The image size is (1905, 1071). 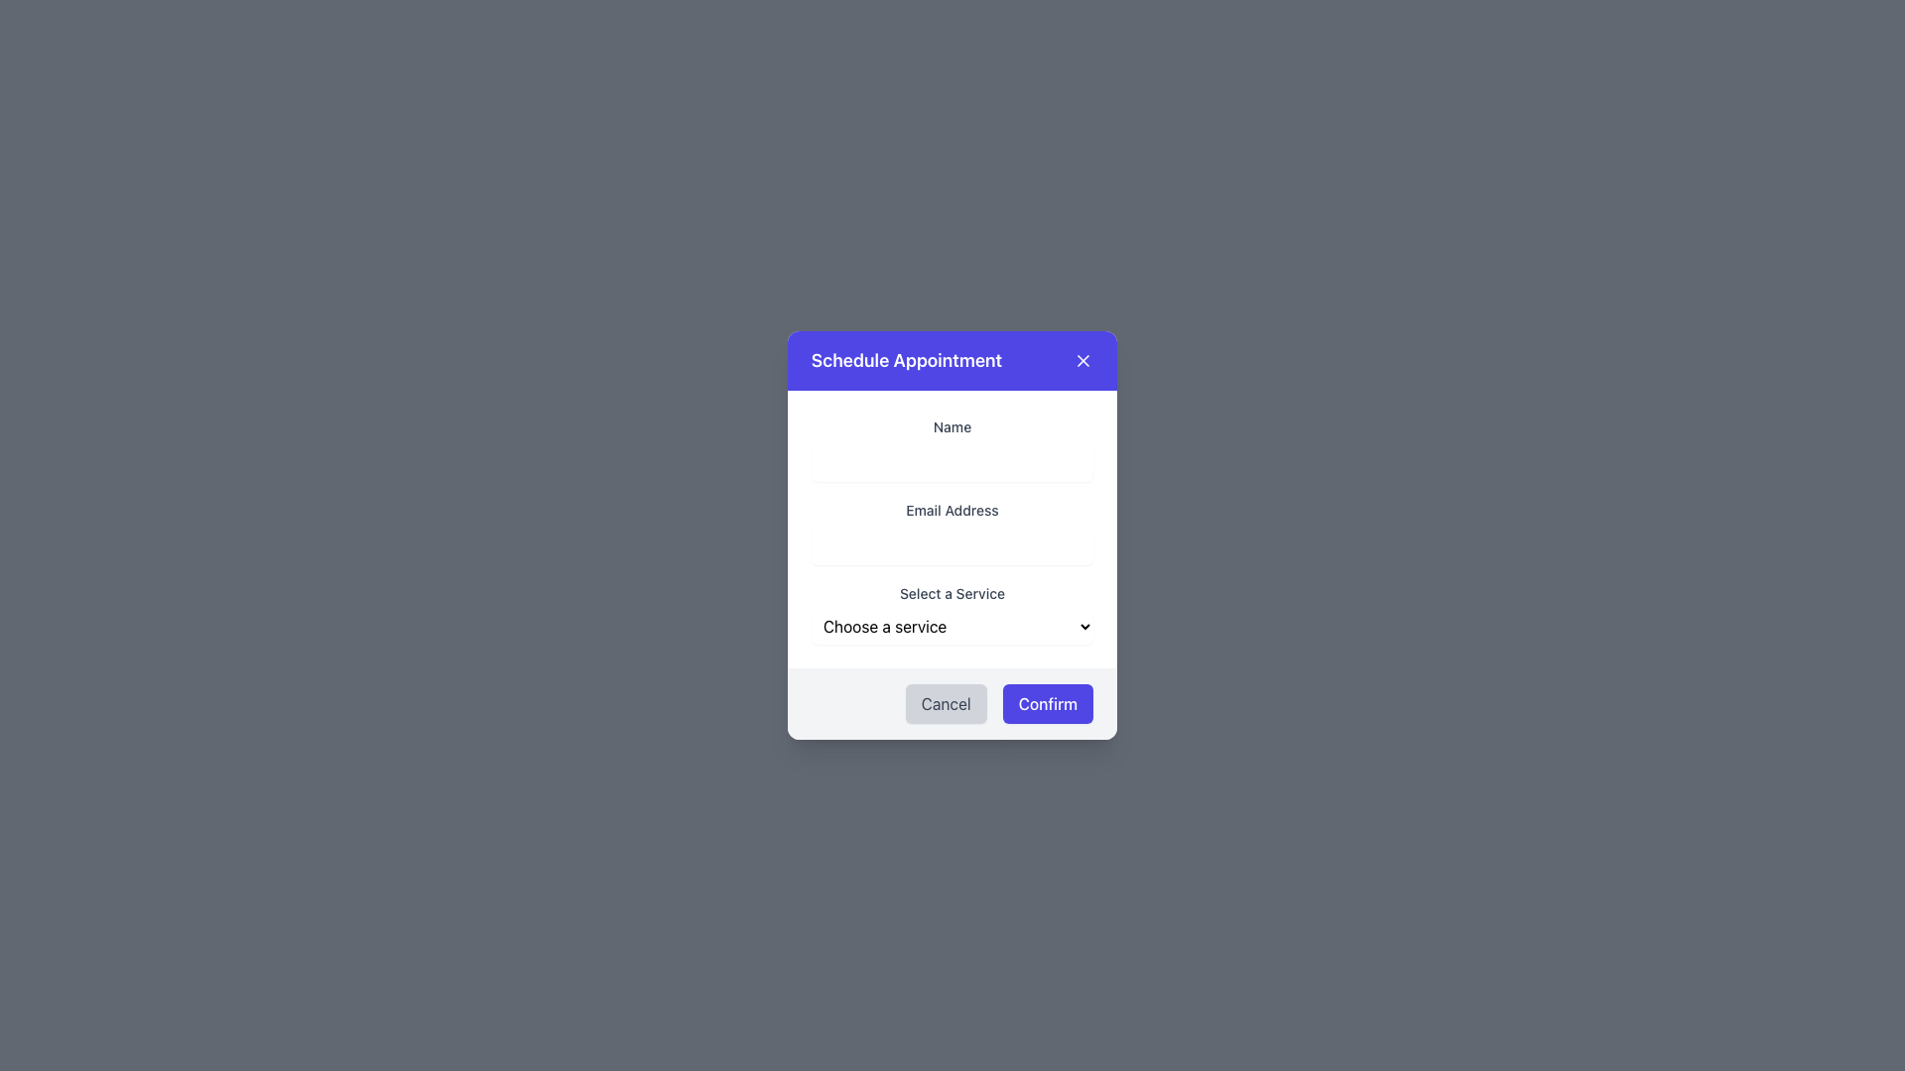 I want to click on the 'Select a Service' dropdown menu, which is styled with rounded edges and has a default value of 'Choose a service', so click(x=952, y=611).